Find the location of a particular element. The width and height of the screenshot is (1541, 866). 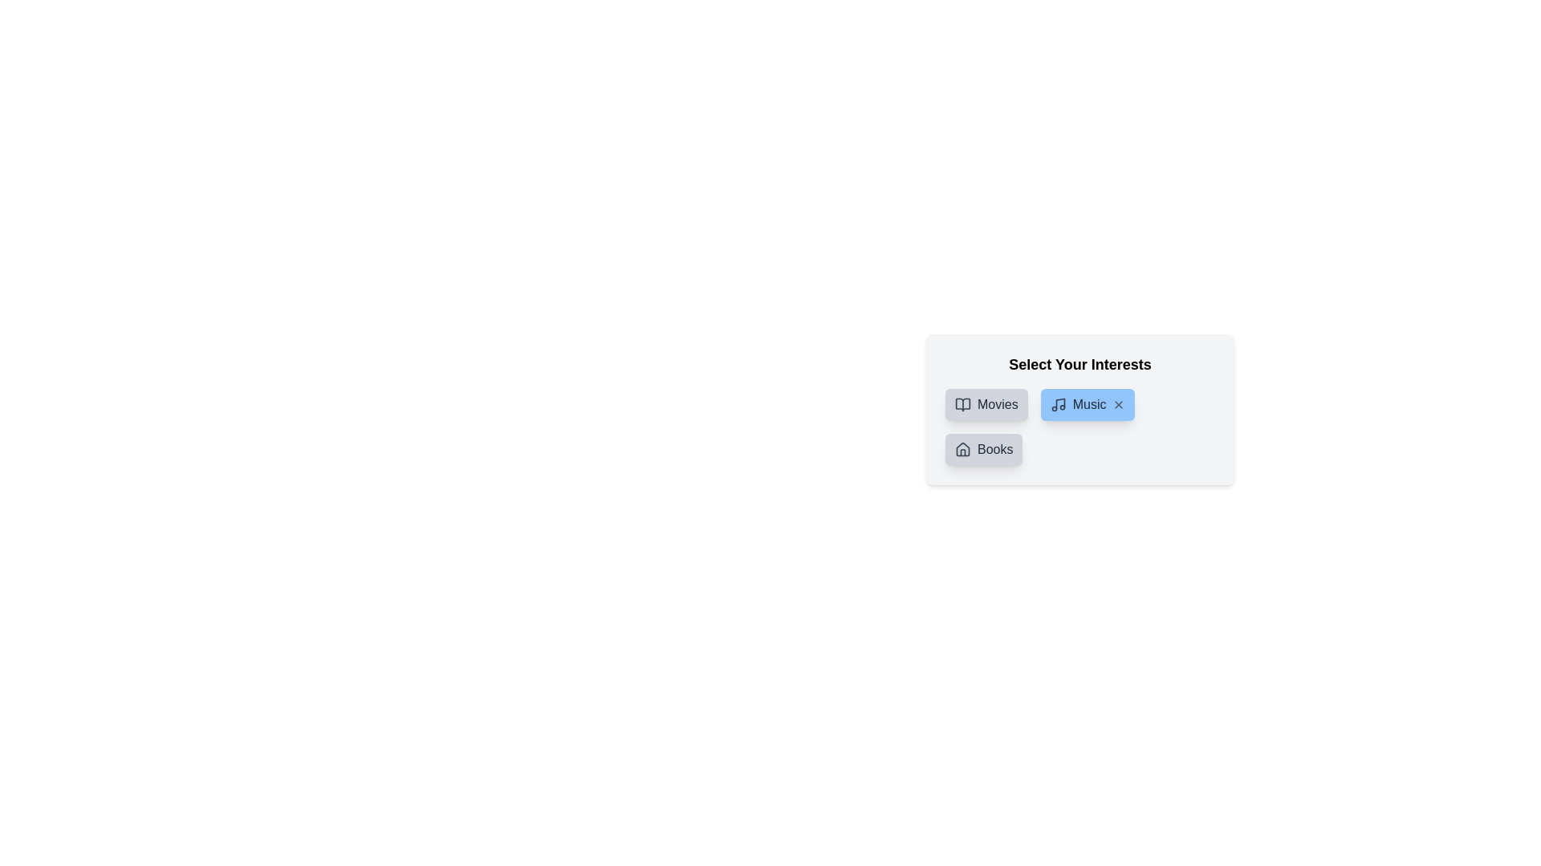

the category Music to inspect the color change is located at coordinates (1087, 404).